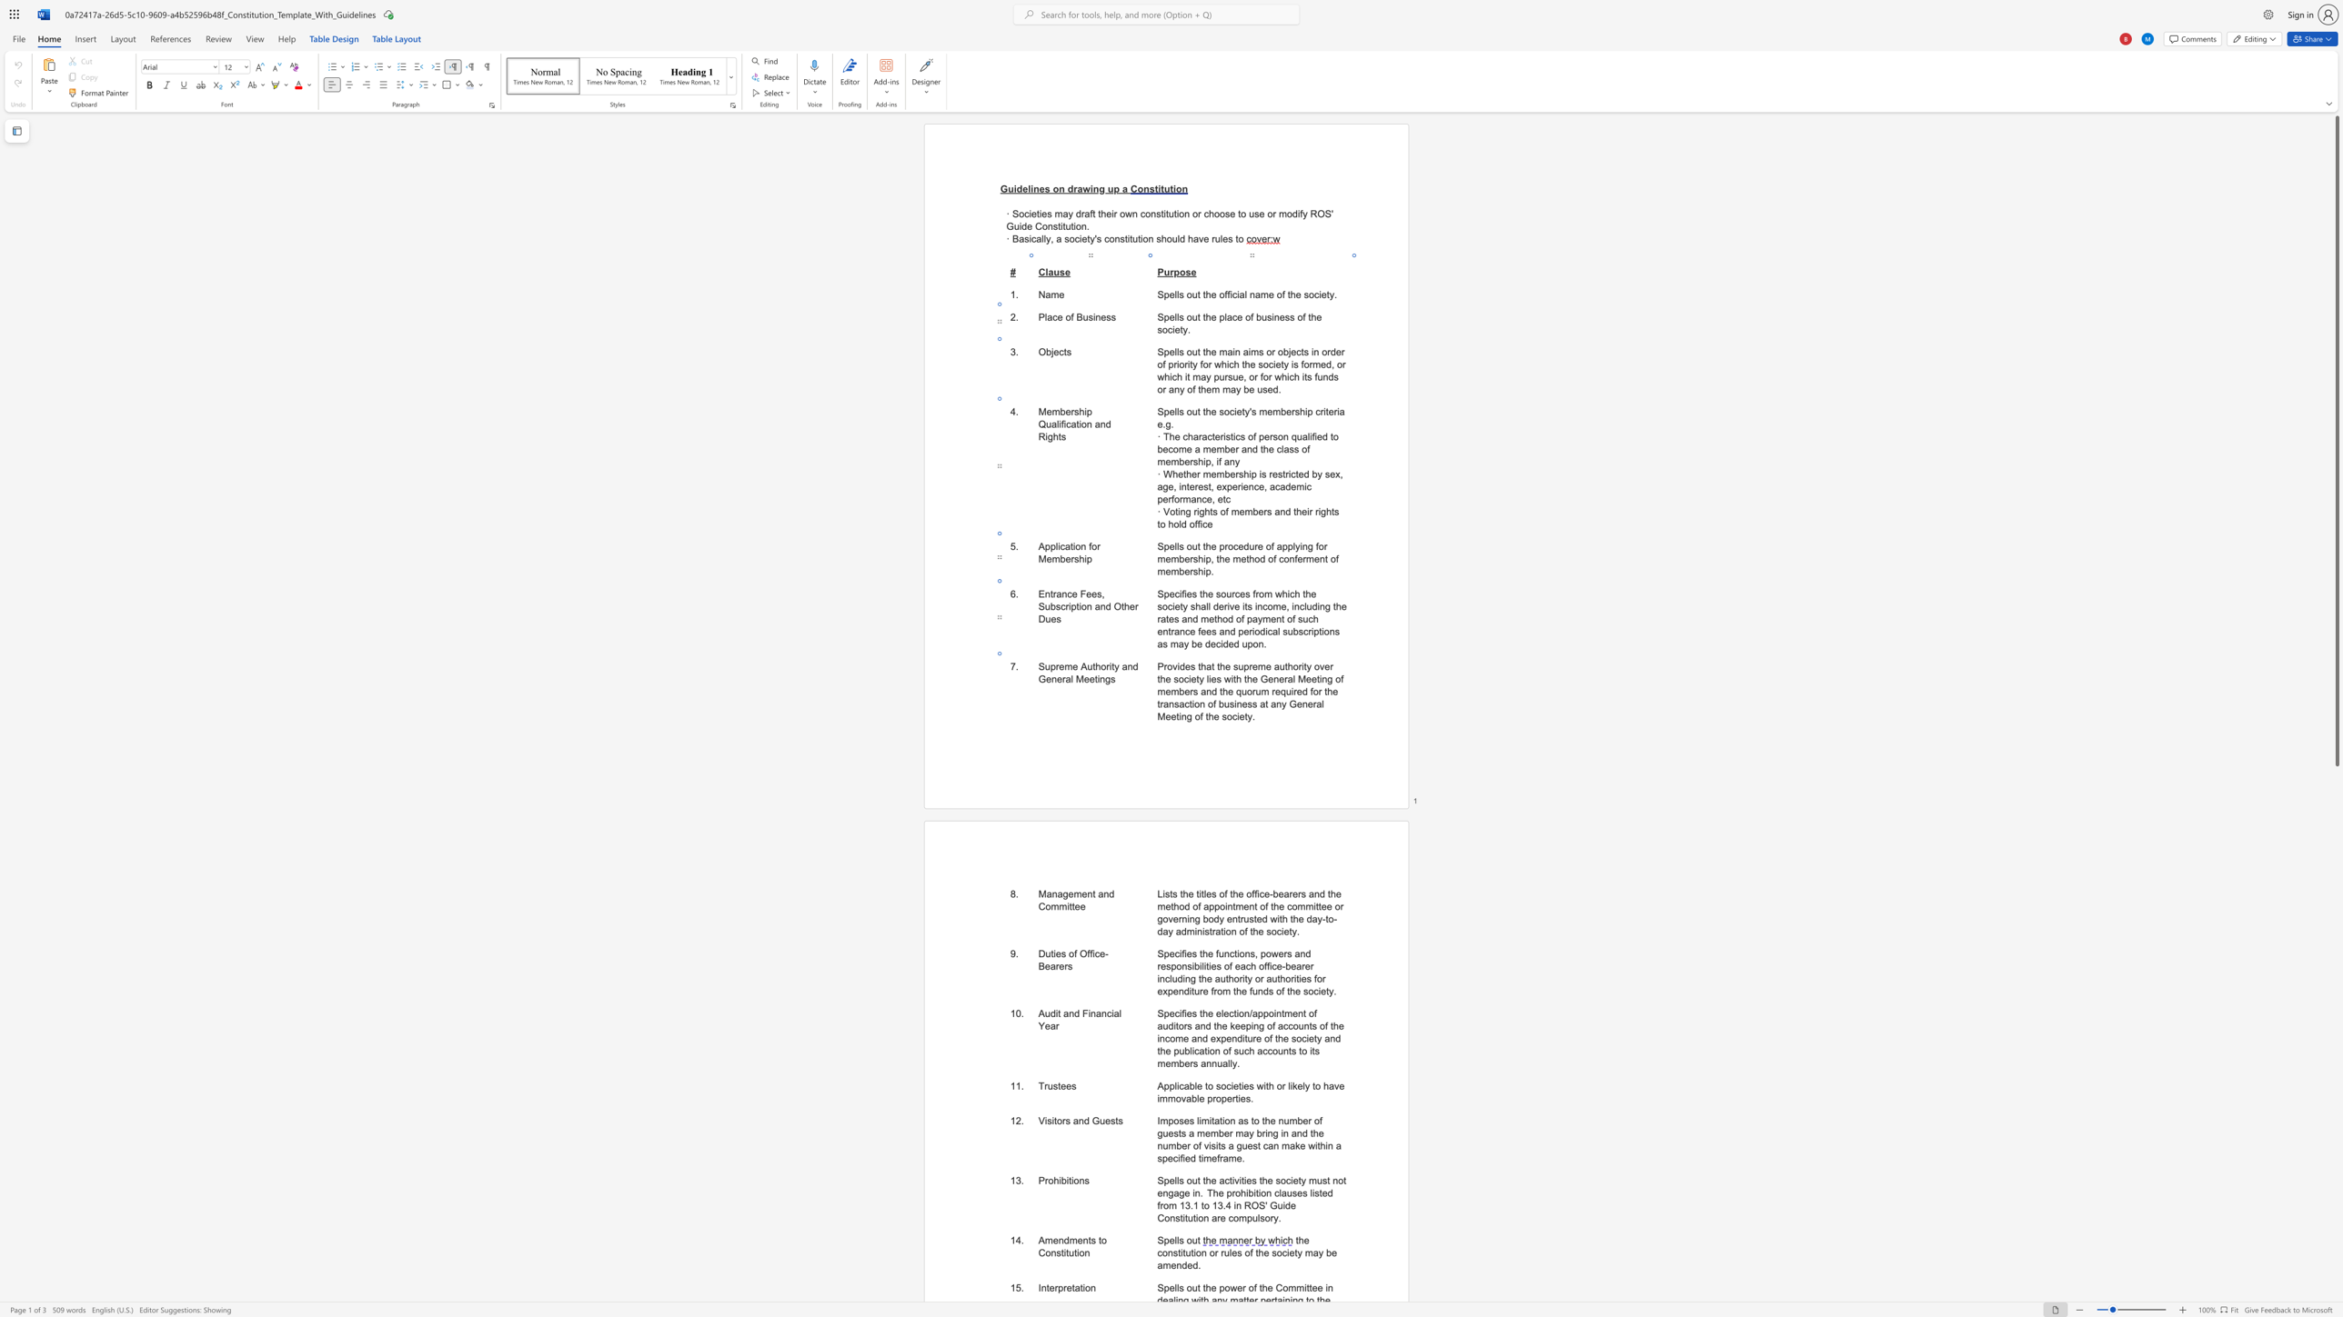  Describe the element at coordinates (1233, 1252) in the screenshot. I see `the 2th character "e" in the text` at that location.